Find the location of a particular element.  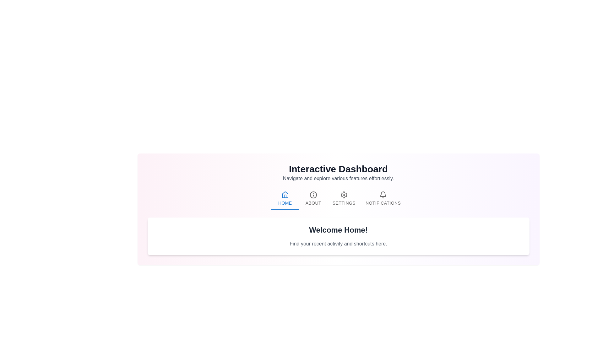

the Text Label element displaying 'Navigate and explore various features effortlessly.' which is positioned directly under the heading 'Interactive Dashboard' is located at coordinates (338, 179).